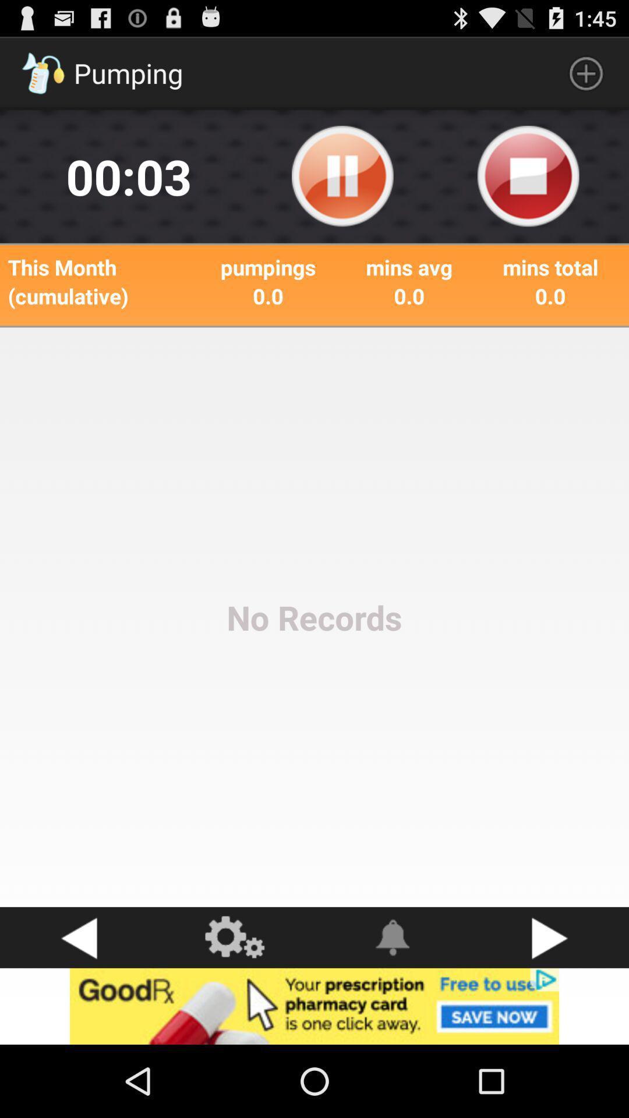 This screenshot has width=629, height=1118. Describe the element at coordinates (342, 176) in the screenshot. I see `pause the records` at that location.